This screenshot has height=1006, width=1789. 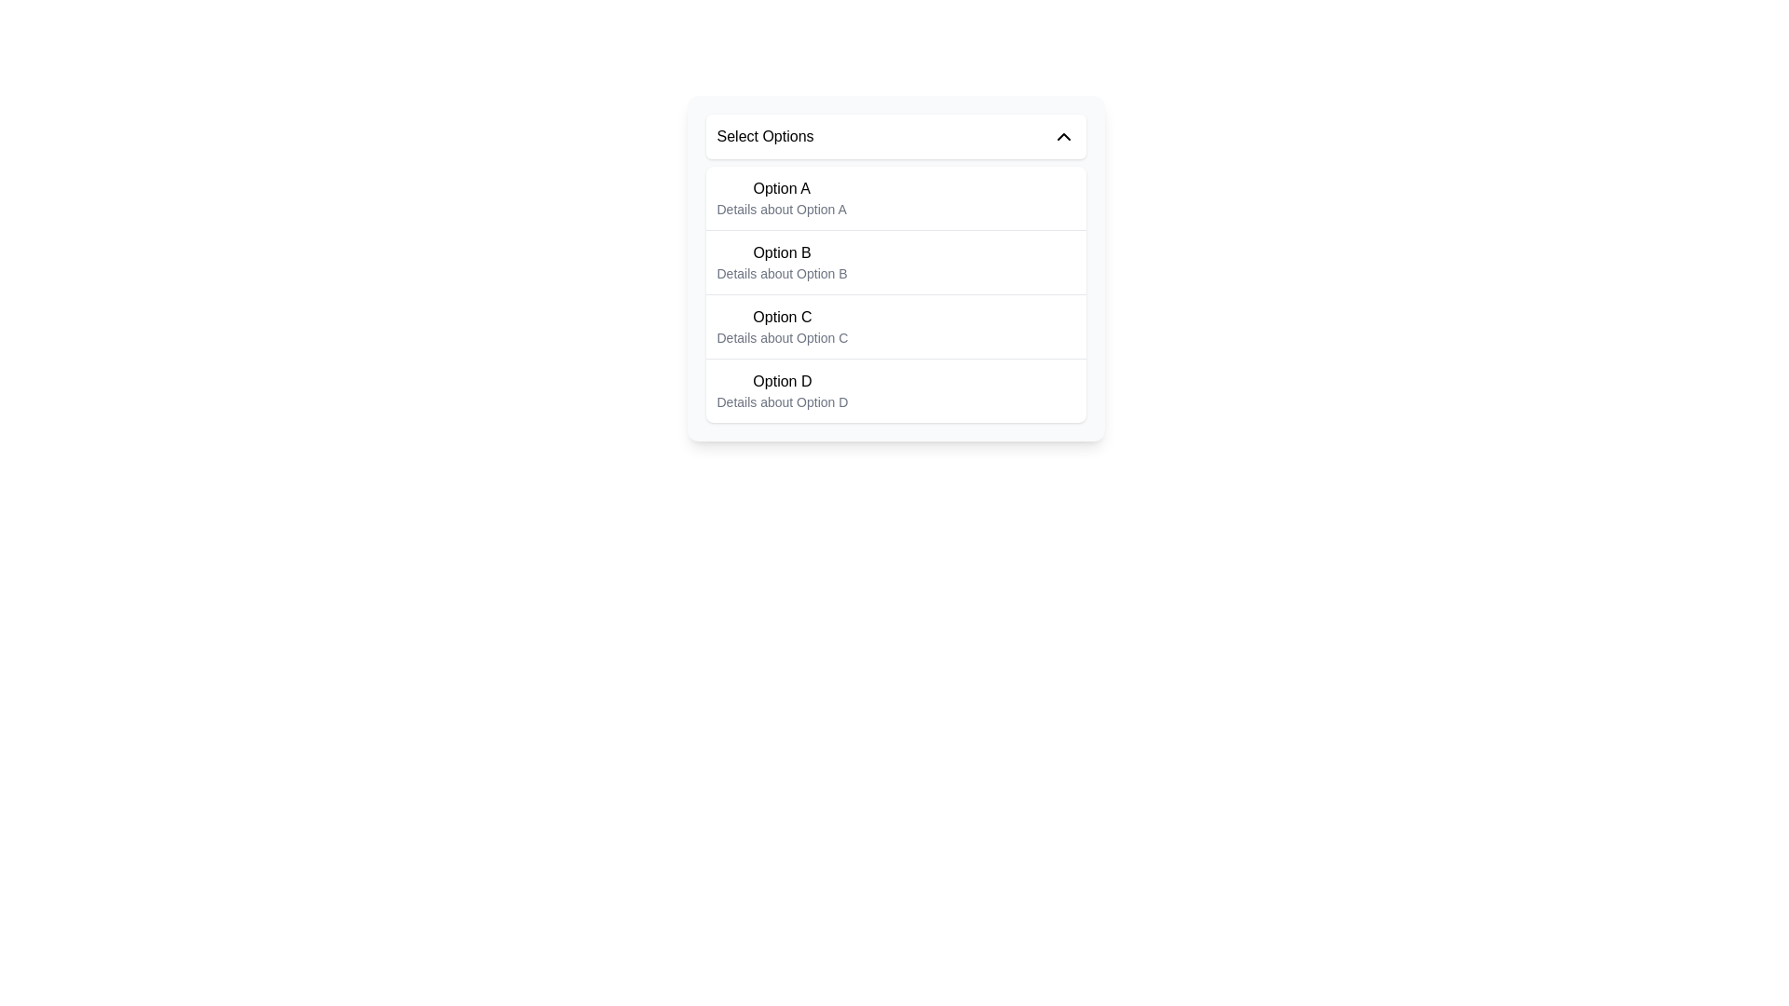 I want to click on text of the bold heading label 'Option D' located in the dropdown menu under 'Select Options', so click(x=783, y=380).